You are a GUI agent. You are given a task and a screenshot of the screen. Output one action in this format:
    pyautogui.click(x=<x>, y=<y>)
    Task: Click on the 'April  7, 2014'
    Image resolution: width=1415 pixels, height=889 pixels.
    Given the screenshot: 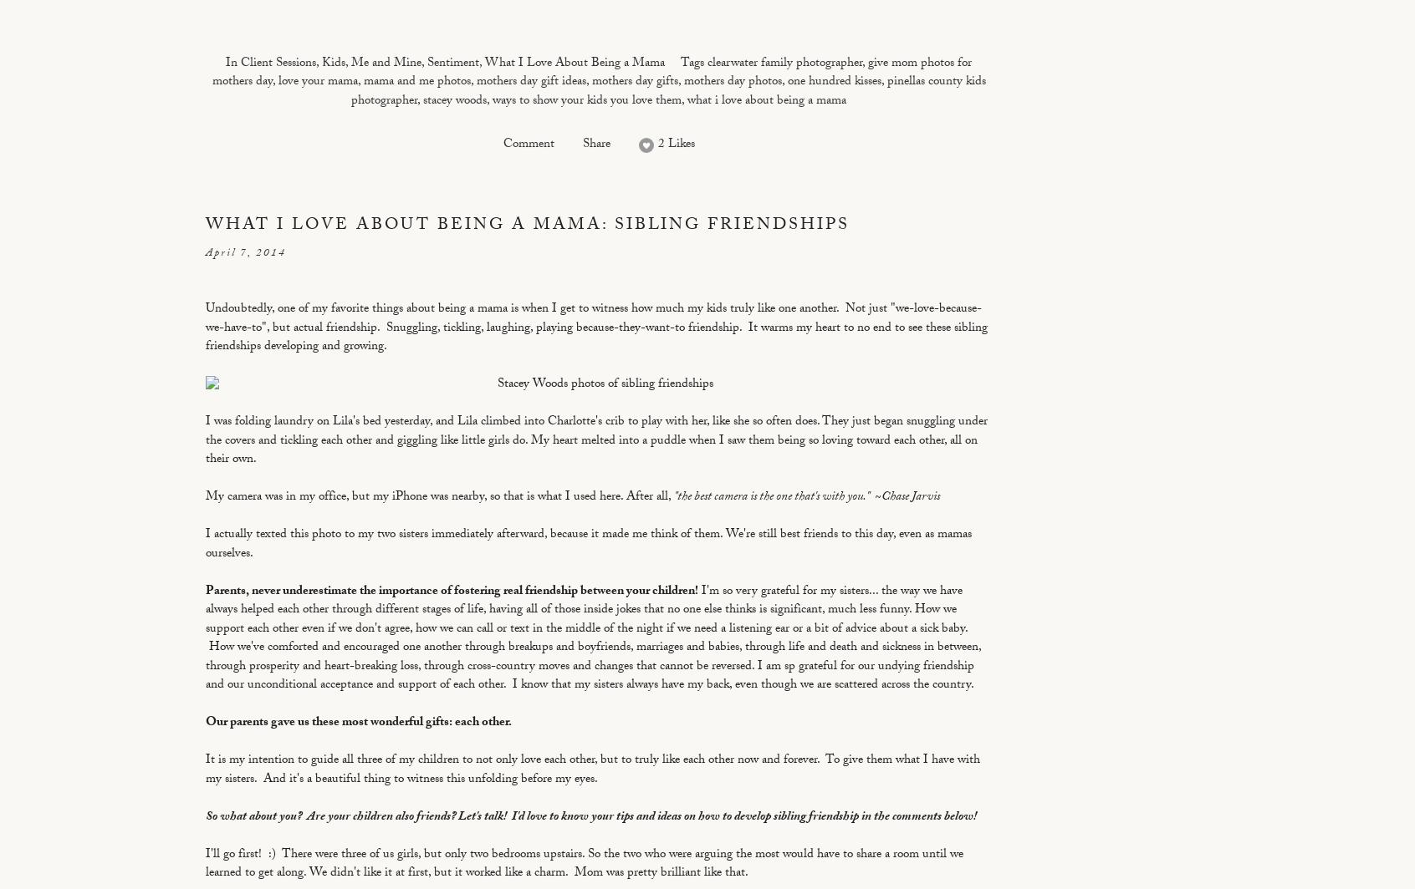 What is the action you would take?
    pyautogui.click(x=245, y=253)
    